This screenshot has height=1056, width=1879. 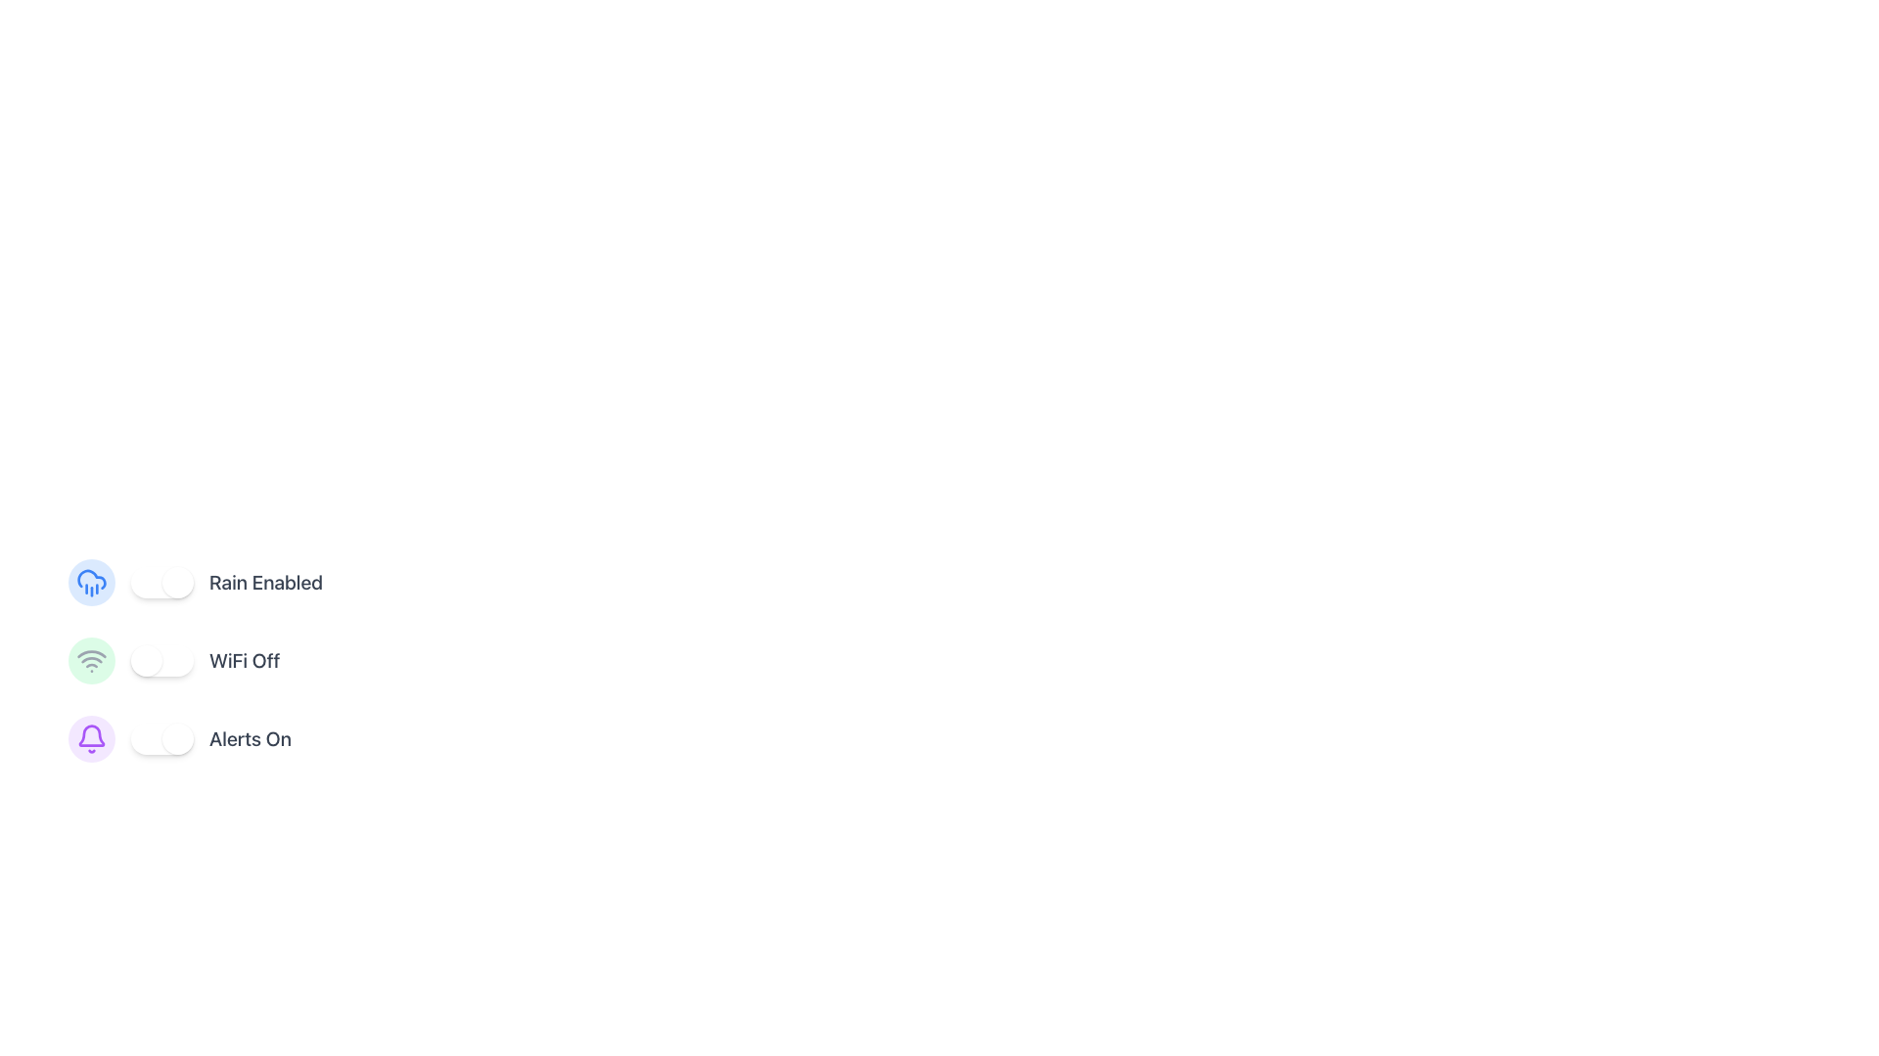 I want to click on the purple outlined concave bell icon, which is the lower component in a list of toggle switches, positioned to the left of the 'Alerts On' label, so click(x=91, y=735).